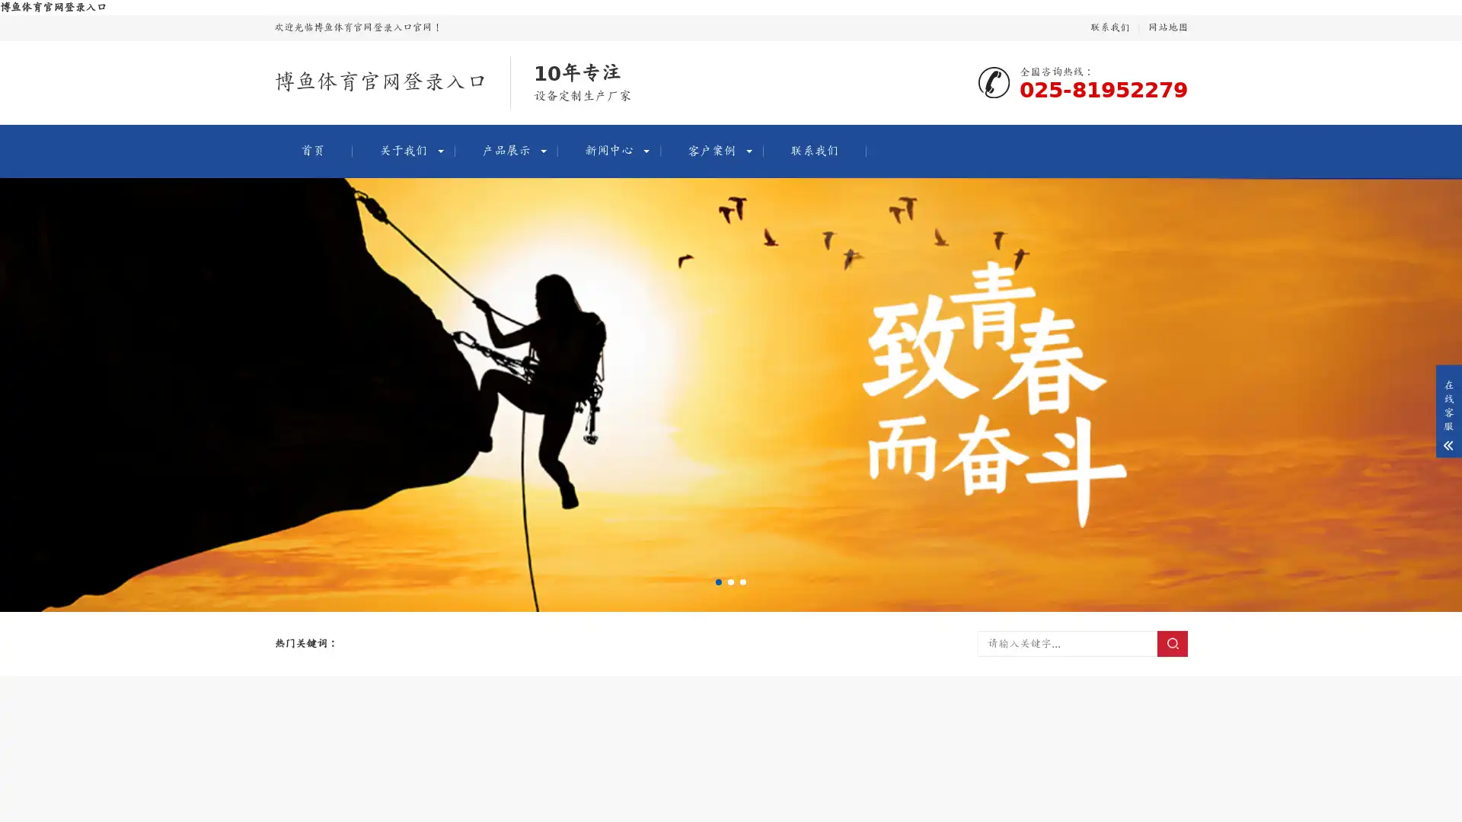  Describe the element at coordinates (718, 581) in the screenshot. I see `Go to slide 1` at that location.